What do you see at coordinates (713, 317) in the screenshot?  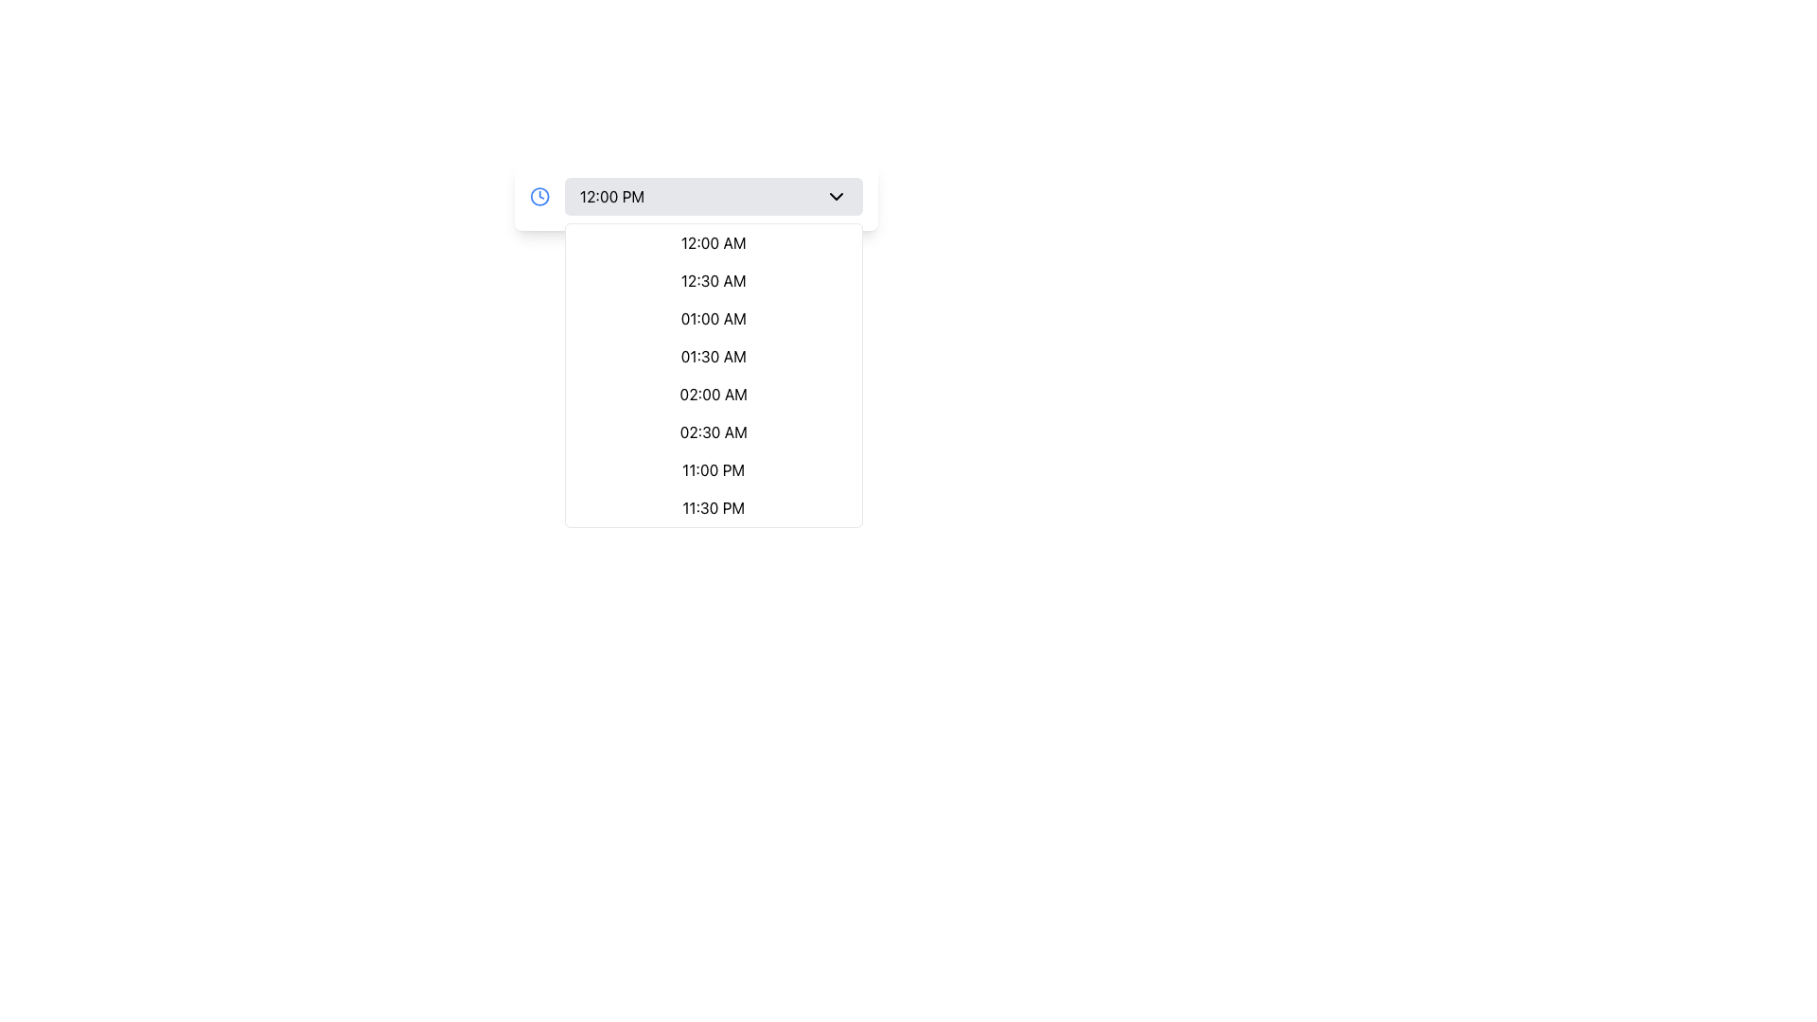 I see `the '01:00 AM' option in the dropdown menu` at bounding box center [713, 317].